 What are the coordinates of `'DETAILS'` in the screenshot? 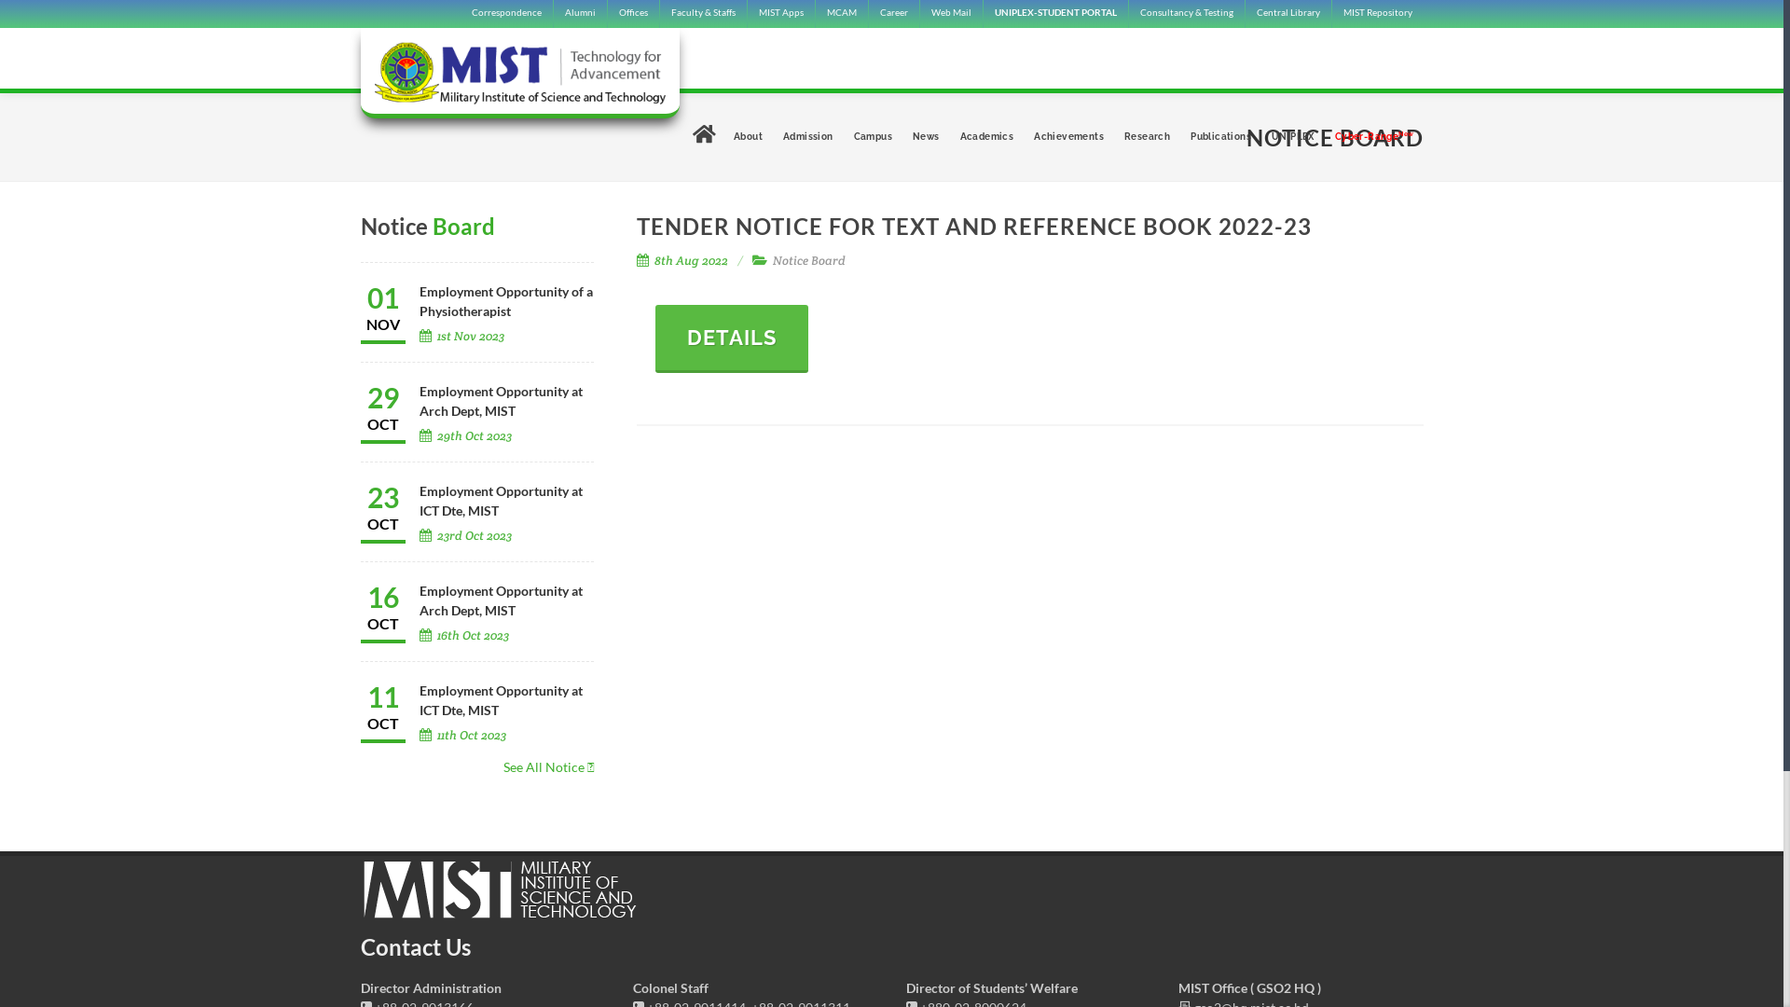 It's located at (654, 338).